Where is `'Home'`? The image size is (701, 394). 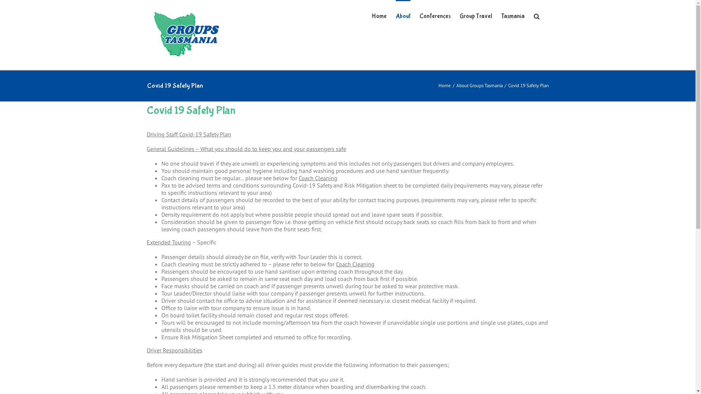 'Home' is located at coordinates (438, 85).